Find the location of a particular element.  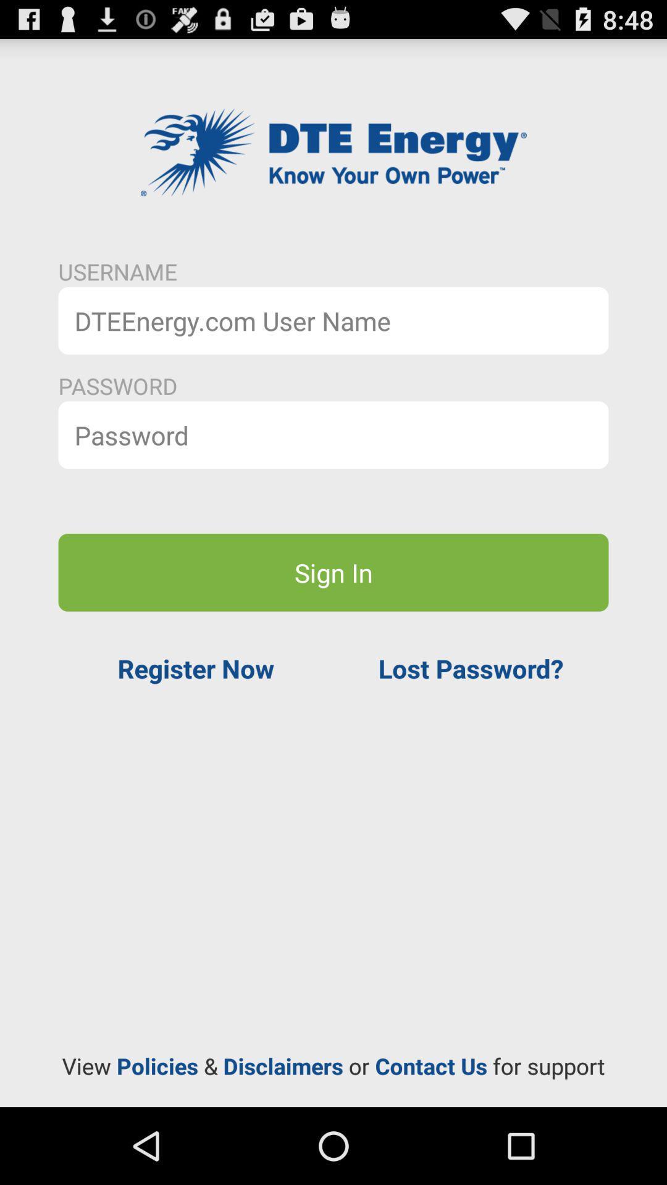

lost password? item is located at coordinates (471, 668).